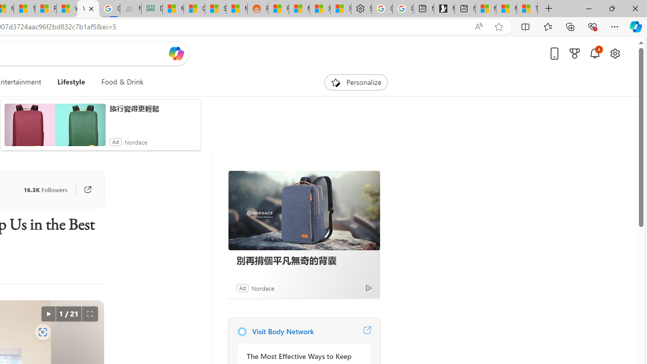  What do you see at coordinates (366, 331) in the screenshot?
I see `'Visit Body Network website'` at bounding box center [366, 331].